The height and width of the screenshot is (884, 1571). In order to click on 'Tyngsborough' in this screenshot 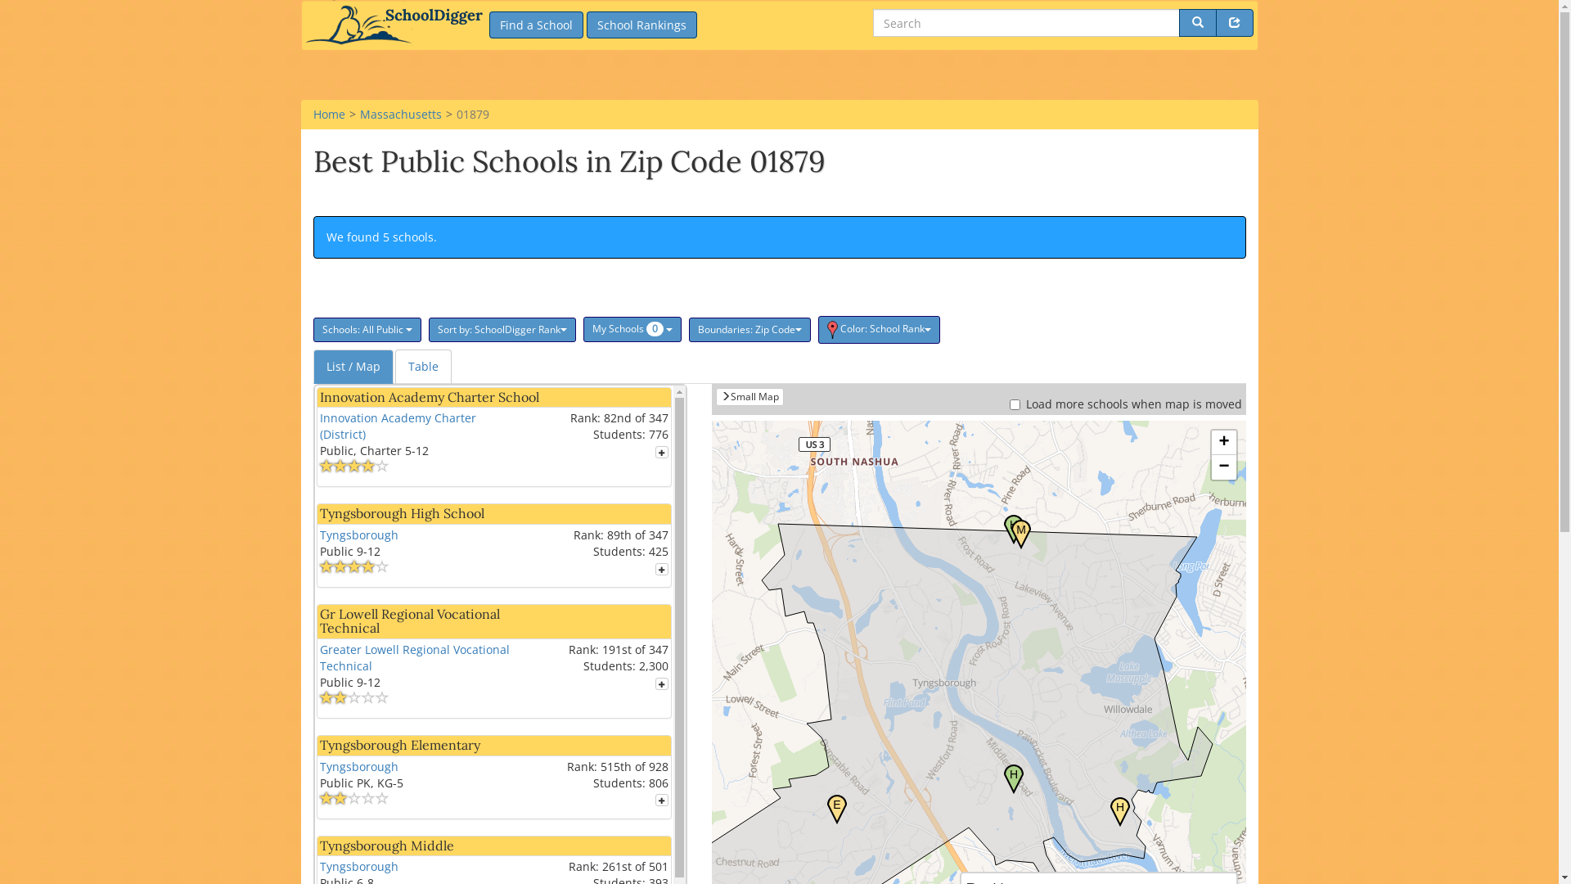, I will do `click(318, 766)`.